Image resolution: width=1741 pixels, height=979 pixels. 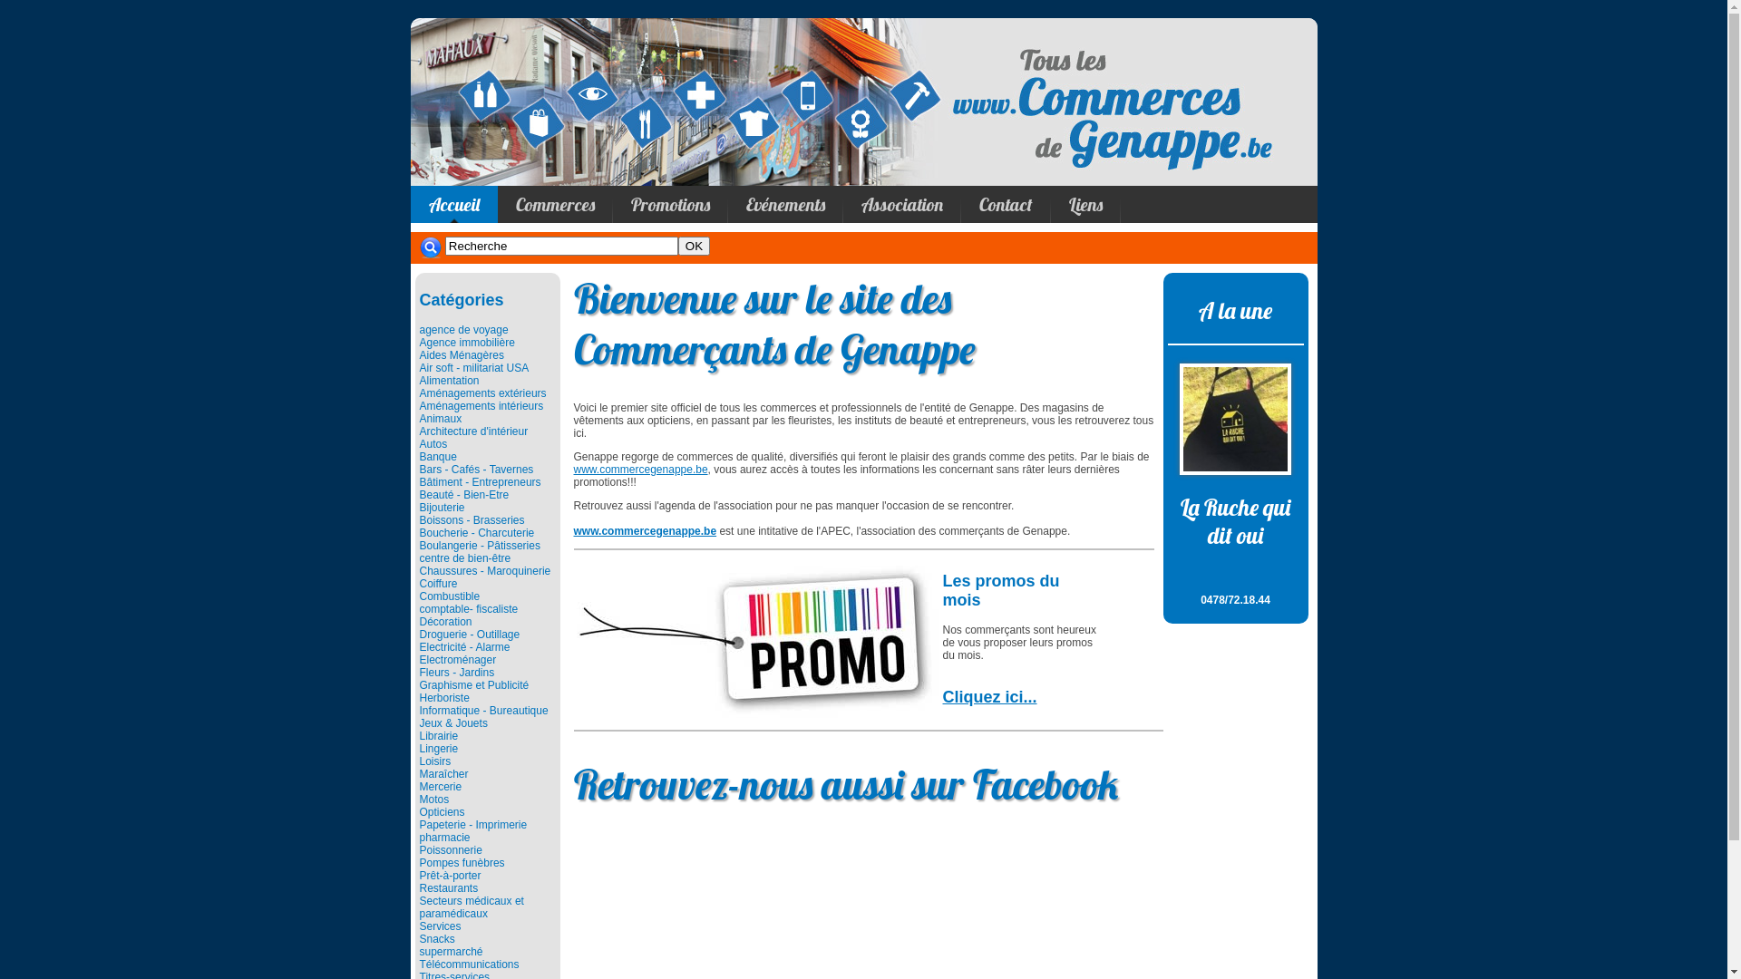 What do you see at coordinates (417, 736) in the screenshot?
I see `'Librairie'` at bounding box center [417, 736].